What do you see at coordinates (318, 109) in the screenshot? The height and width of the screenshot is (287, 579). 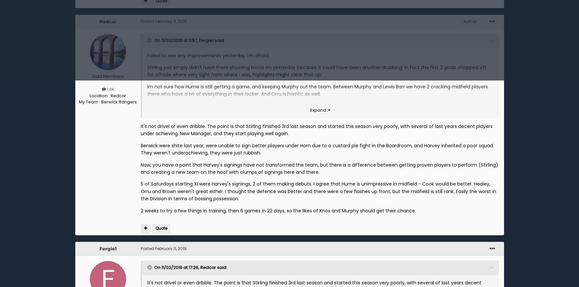 I see `'Promising signs from back 4 and Given time/games the back 4 will only become better, but they are under a constant threat for 90 mins due to the dross they have in front of them.'` at bounding box center [318, 109].